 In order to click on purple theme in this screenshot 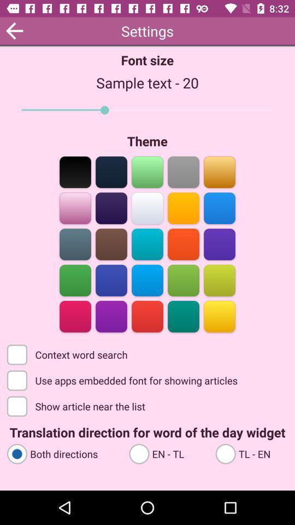, I will do `click(219, 243)`.